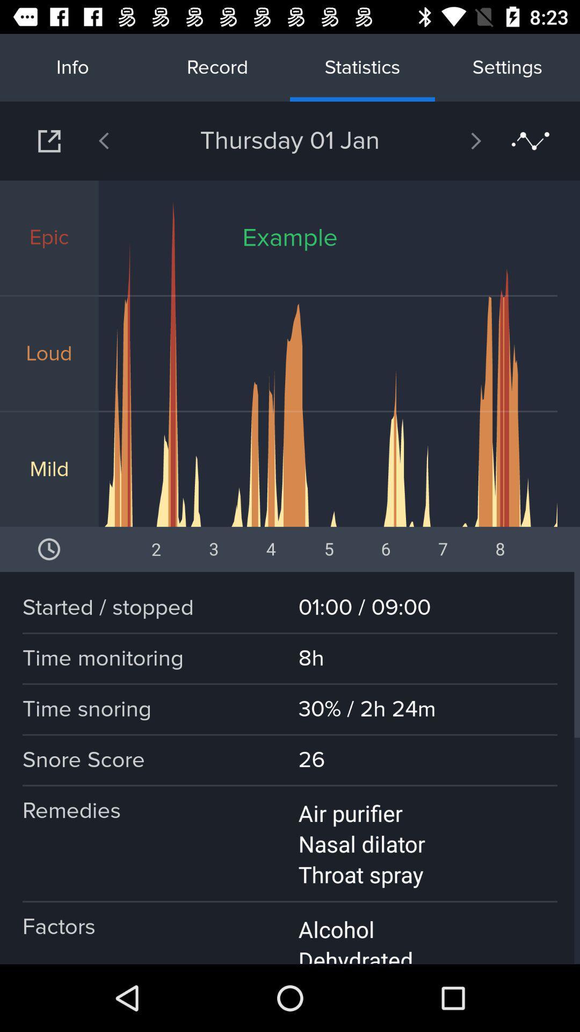 The width and height of the screenshot is (580, 1032). What do you see at coordinates (131, 140) in the screenshot?
I see `the item below info icon` at bounding box center [131, 140].